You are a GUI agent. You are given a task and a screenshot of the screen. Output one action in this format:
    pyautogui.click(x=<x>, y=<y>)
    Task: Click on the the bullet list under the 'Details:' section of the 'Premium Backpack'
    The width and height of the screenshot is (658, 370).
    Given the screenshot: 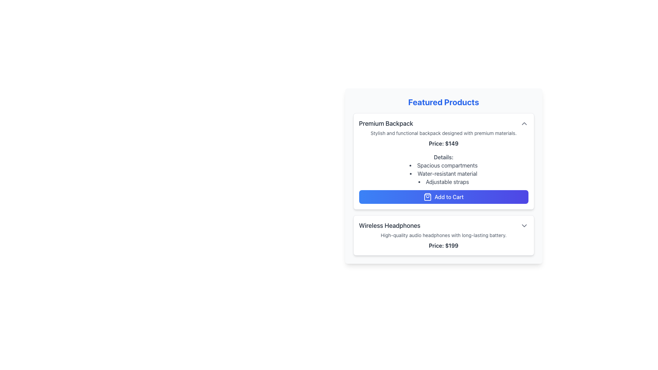 What is the action you would take?
    pyautogui.click(x=443, y=173)
    